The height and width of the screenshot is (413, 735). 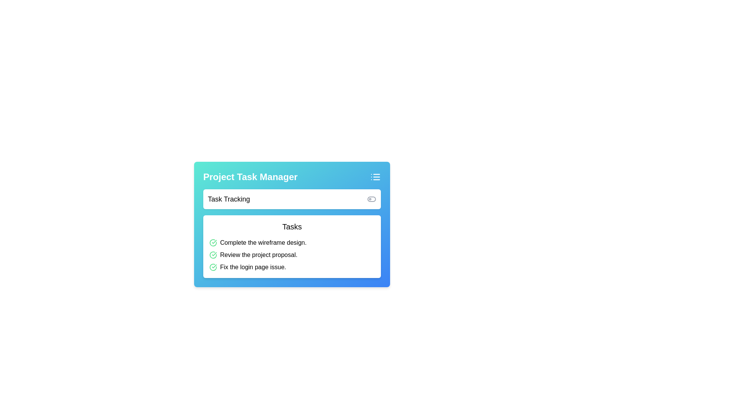 What do you see at coordinates (375, 177) in the screenshot?
I see `the icon or button-like graphical menu element located at the far right of the 'Project Task Manager' header` at bounding box center [375, 177].